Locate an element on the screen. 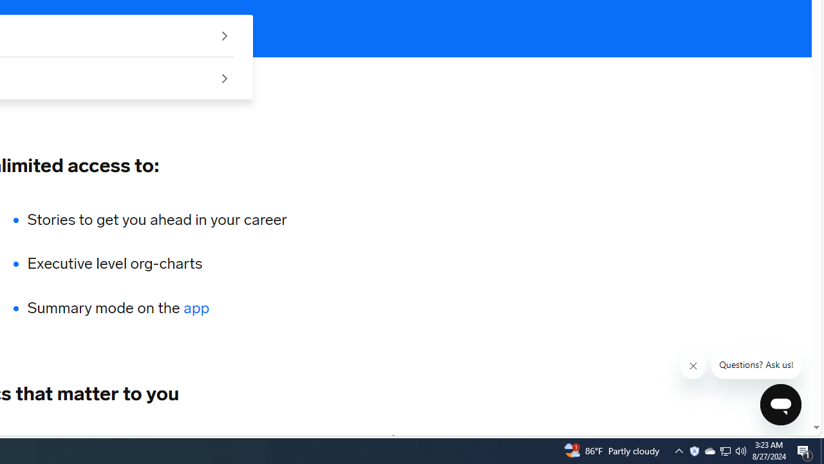  'Class: sc-1uf0igr-1 fjHZYk' is located at coordinates (693, 366).